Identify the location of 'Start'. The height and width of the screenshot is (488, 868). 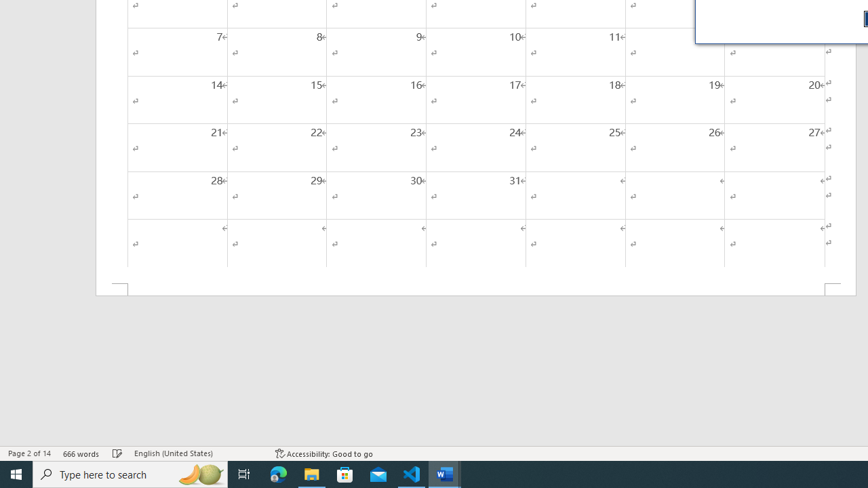
(16, 473).